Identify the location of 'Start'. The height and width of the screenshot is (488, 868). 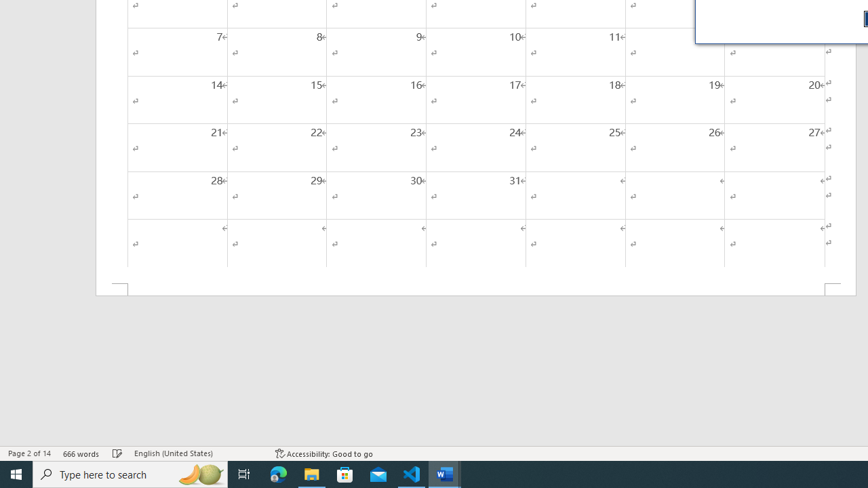
(16, 473).